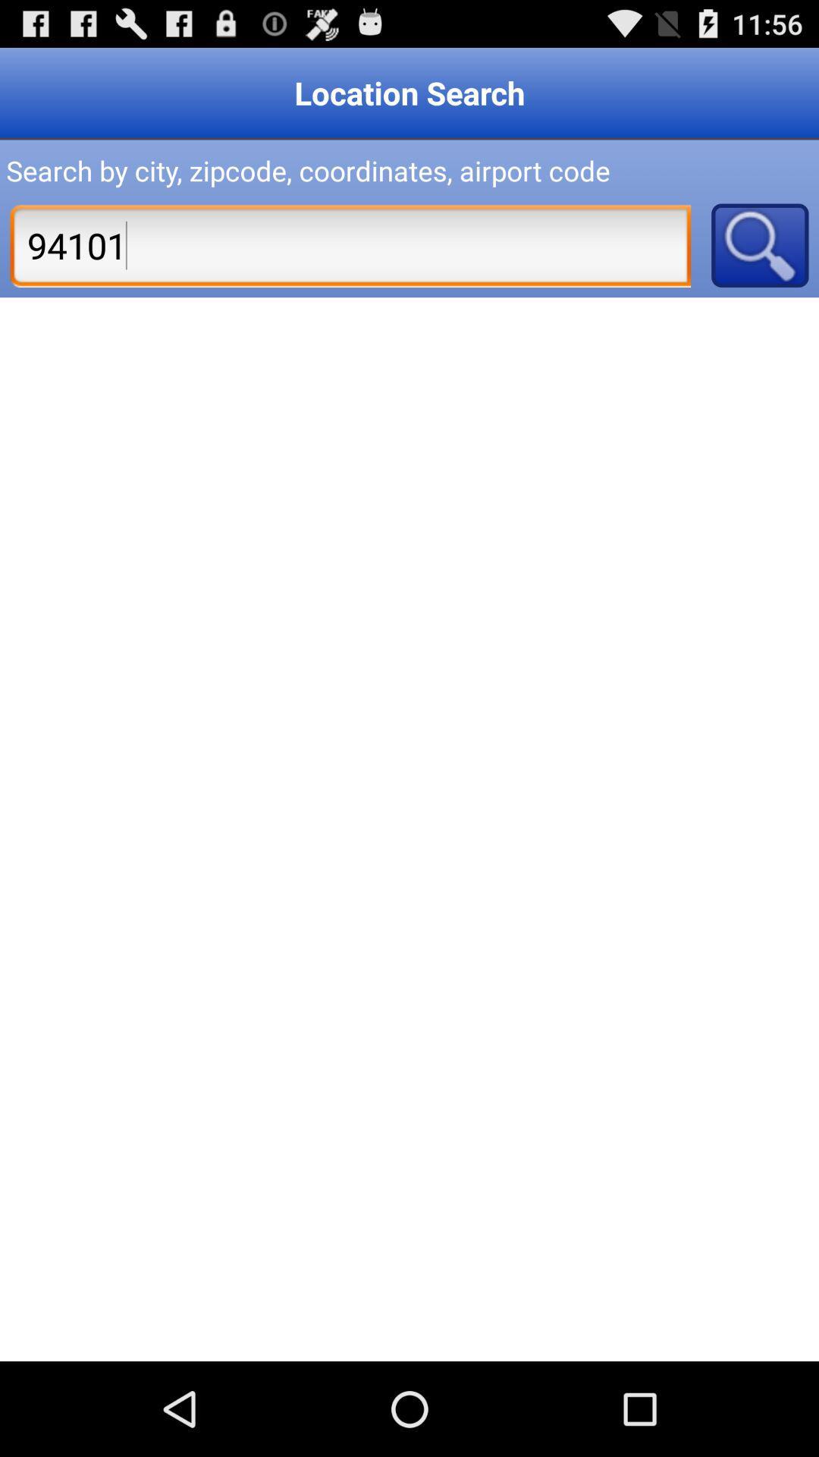 Image resolution: width=819 pixels, height=1457 pixels. Describe the element at coordinates (760, 263) in the screenshot. I see `the search icon` at that location.